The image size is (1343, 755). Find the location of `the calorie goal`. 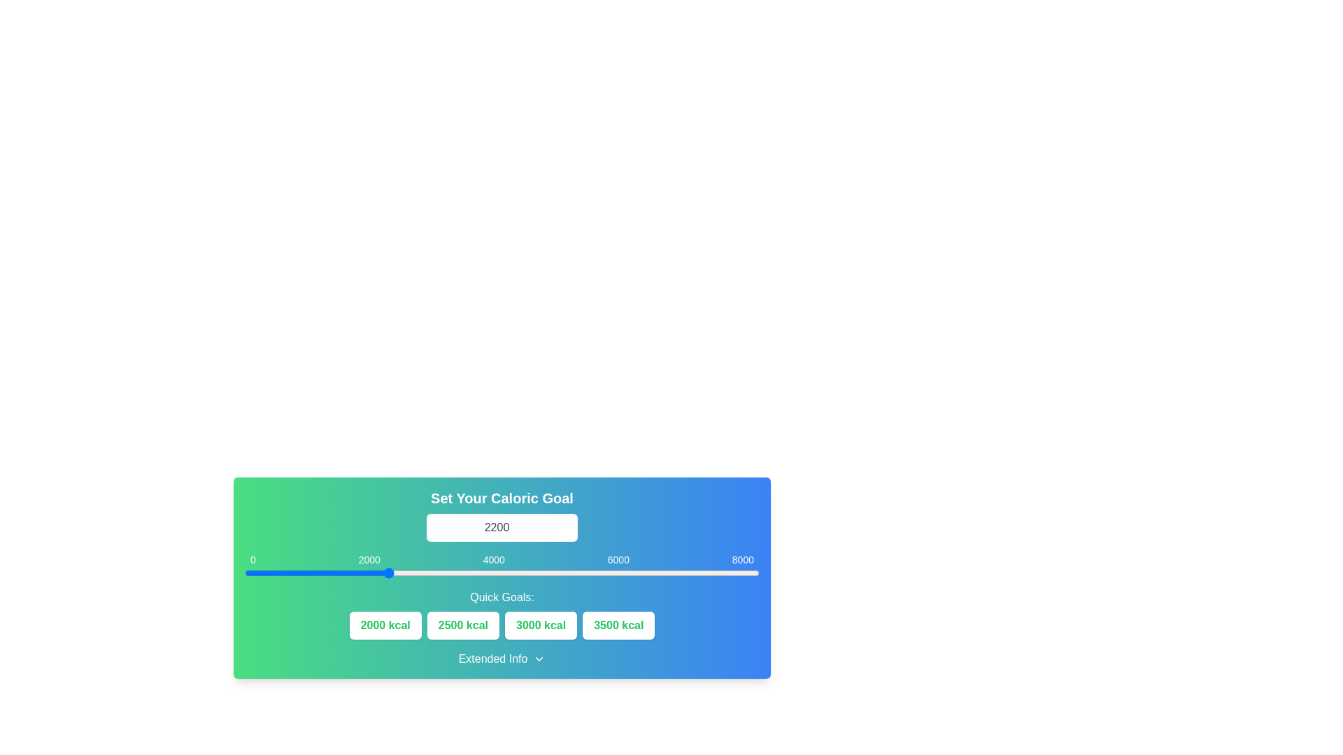

the calorie goal is located at coordinates (484, 573).